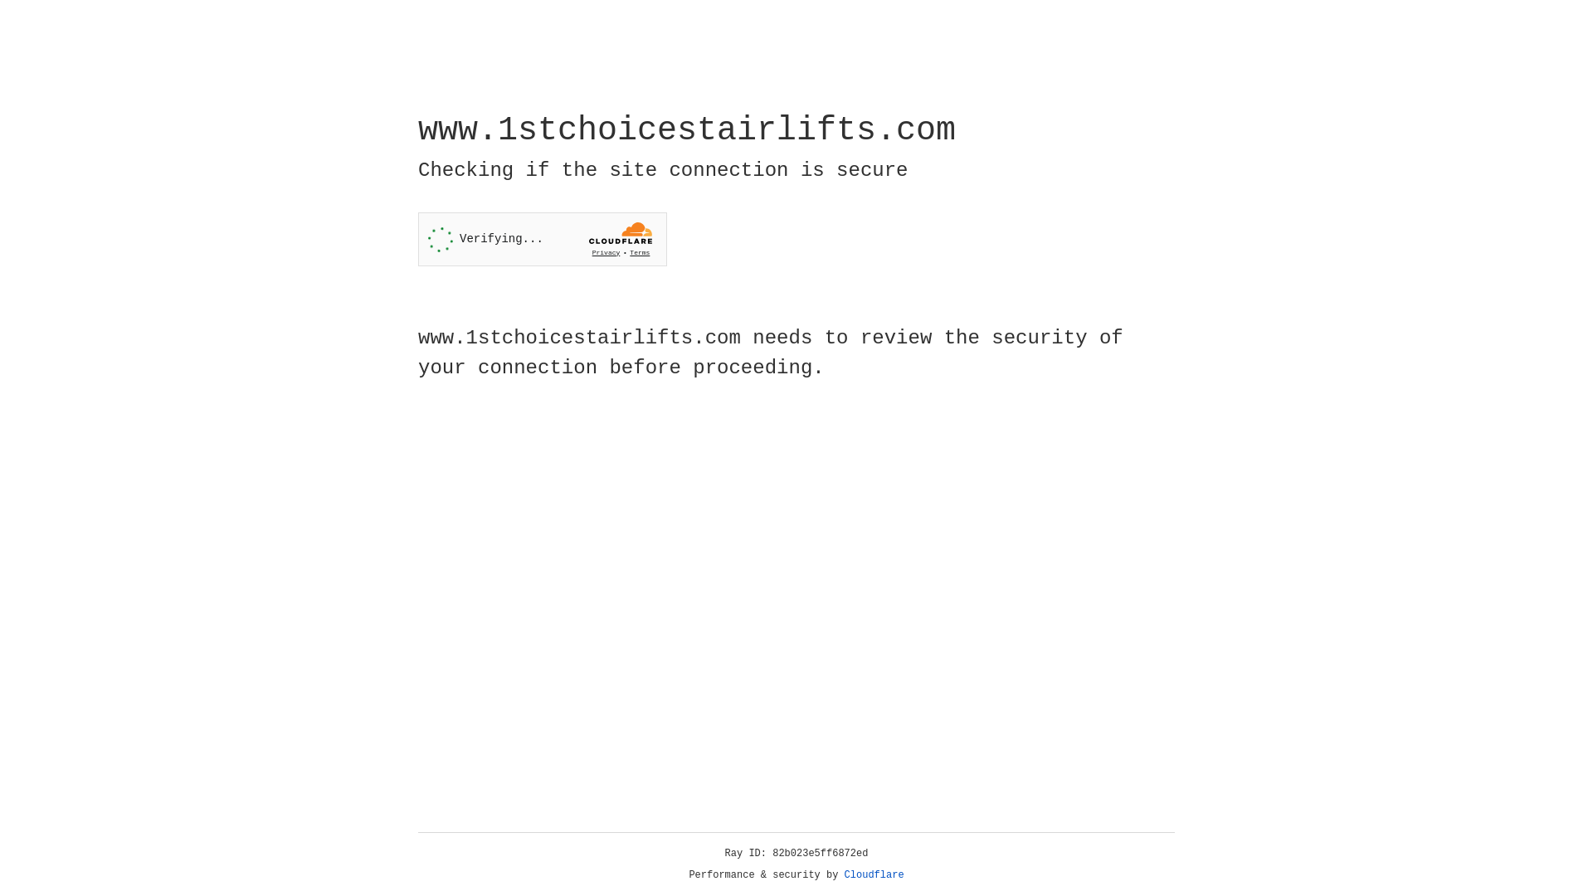  What do you see at coordinates (874, 874) in the screenshot?
I see `'Cloudflare'` at bounding box center [874, 874].